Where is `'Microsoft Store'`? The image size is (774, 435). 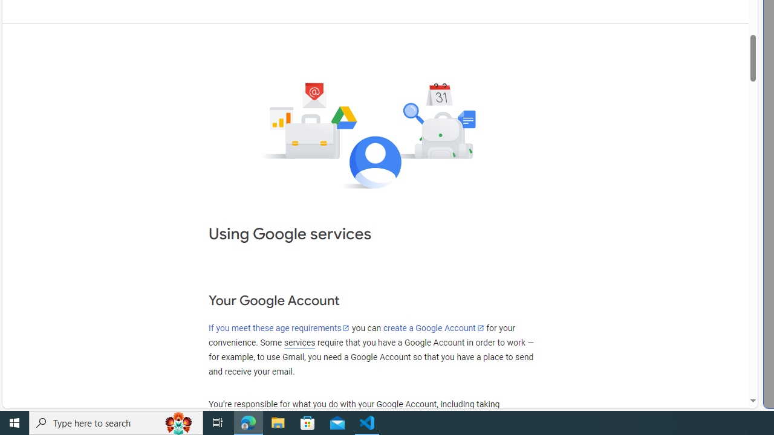 'Microsoft Store' is located at coordinates (308, 422).